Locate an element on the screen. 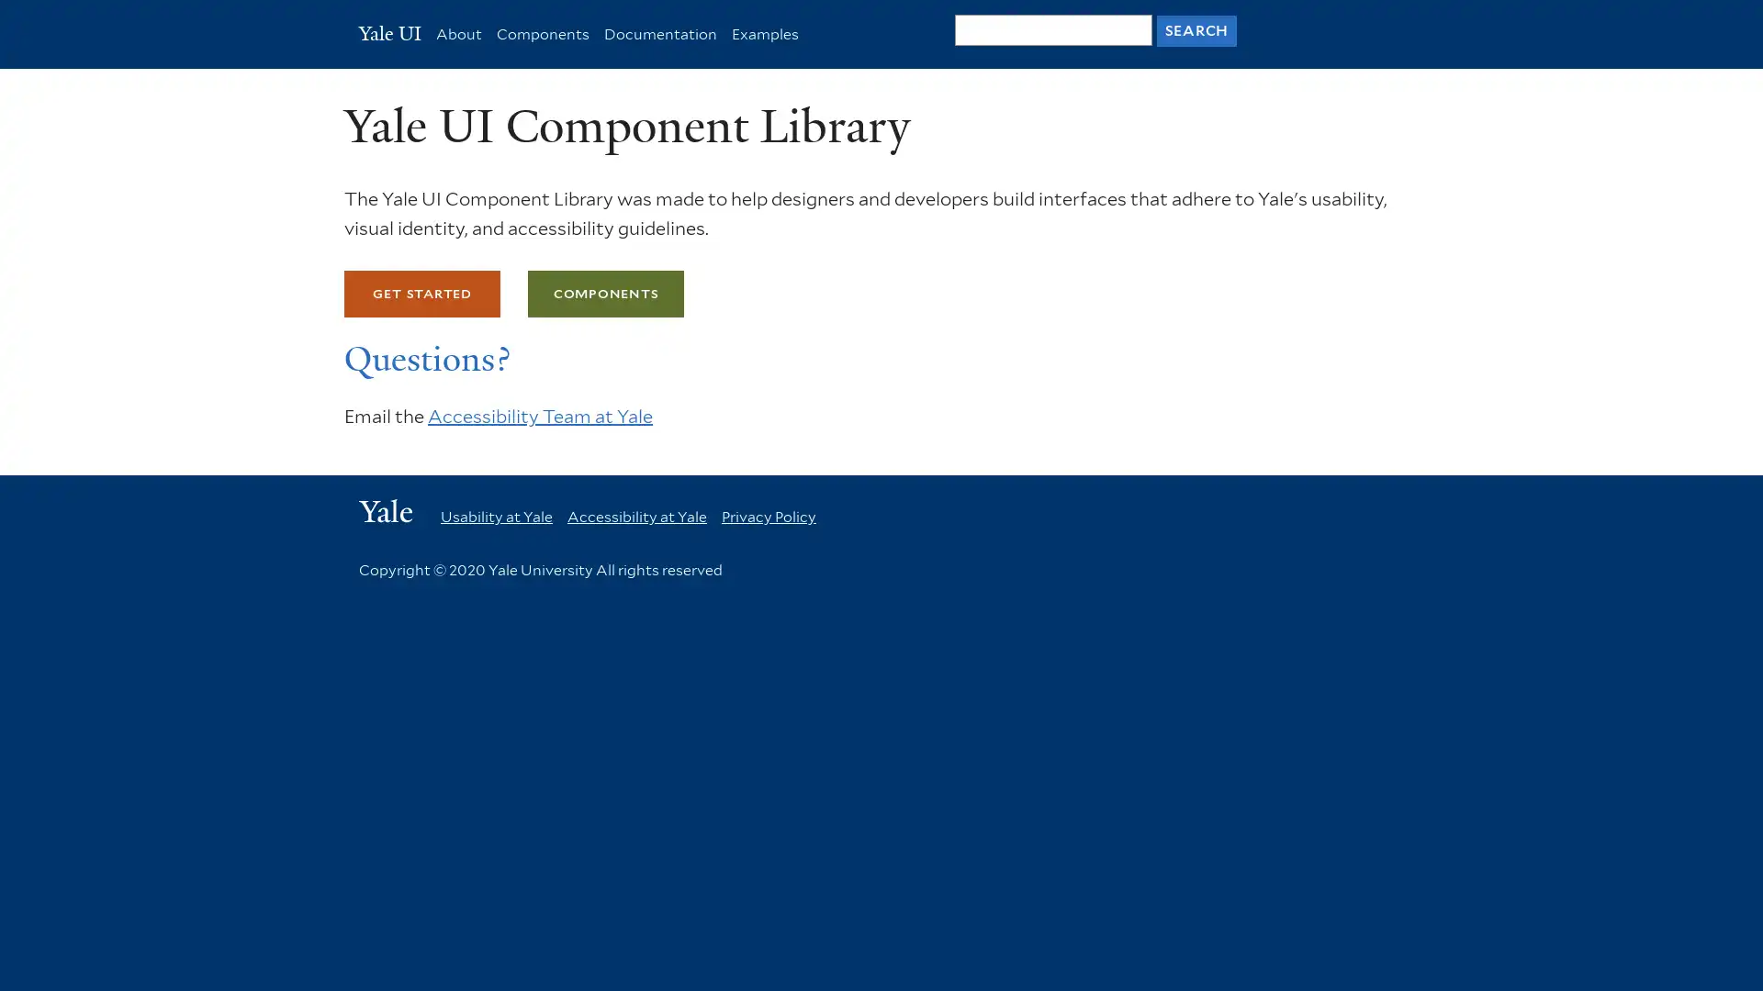  SEARCH is located at coordinates (1196, 30).